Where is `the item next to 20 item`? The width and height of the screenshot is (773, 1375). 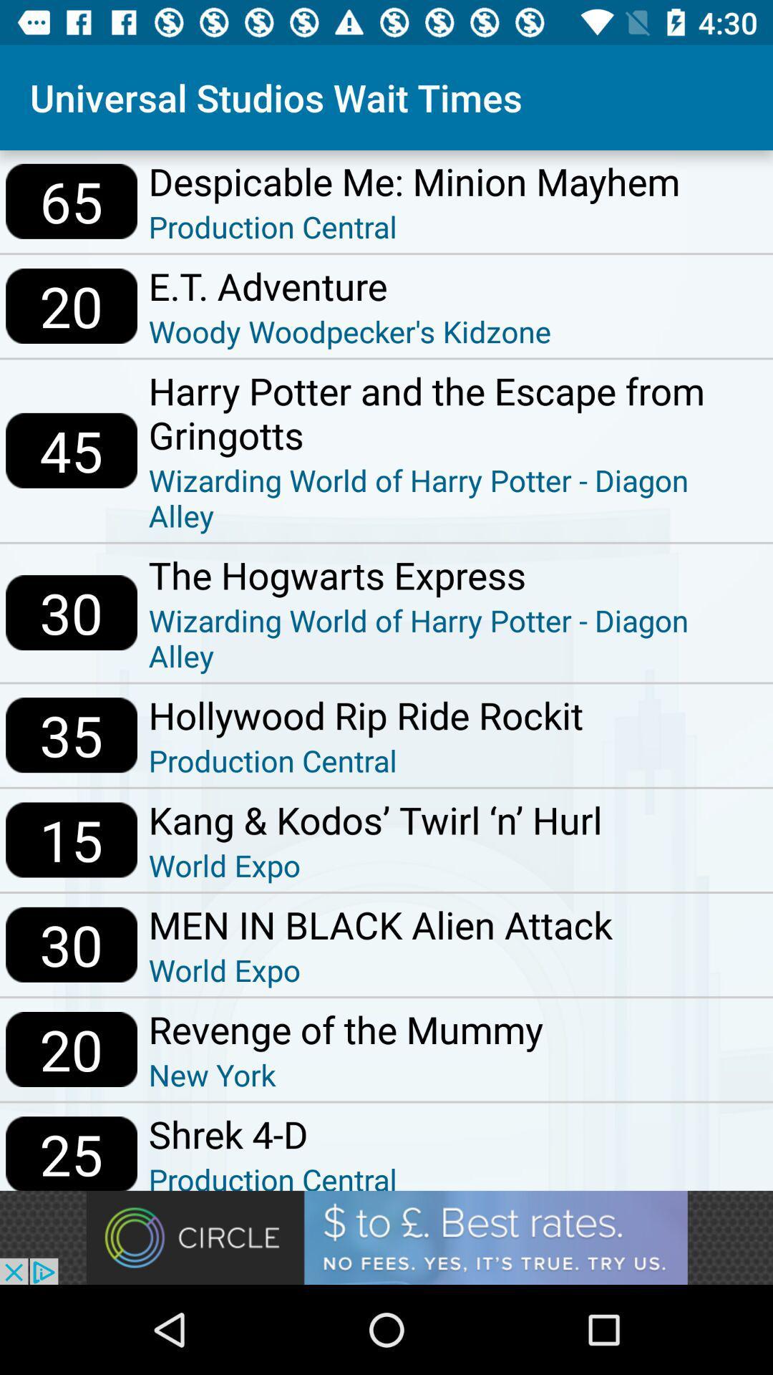 the item next to 20 item is located at coordinates (350, 330).